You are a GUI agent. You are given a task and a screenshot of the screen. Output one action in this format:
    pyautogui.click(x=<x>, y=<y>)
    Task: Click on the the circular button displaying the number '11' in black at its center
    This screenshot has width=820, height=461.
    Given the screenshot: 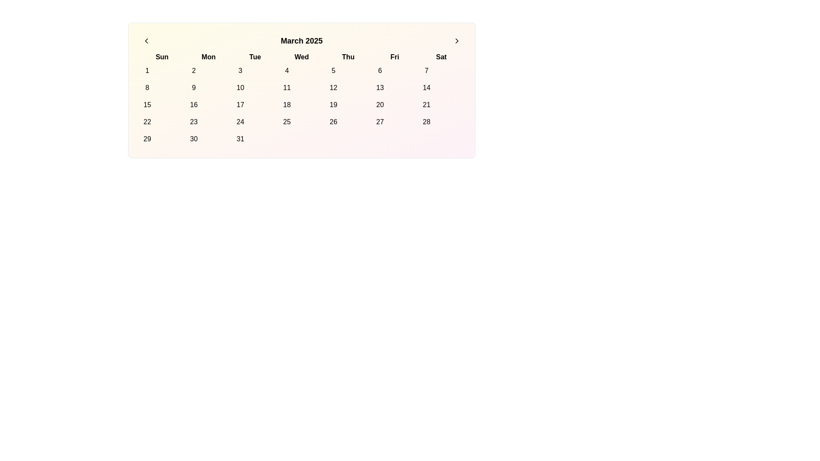 What is the action you would take?
    pyautogui.click(x=287, y=88)
    